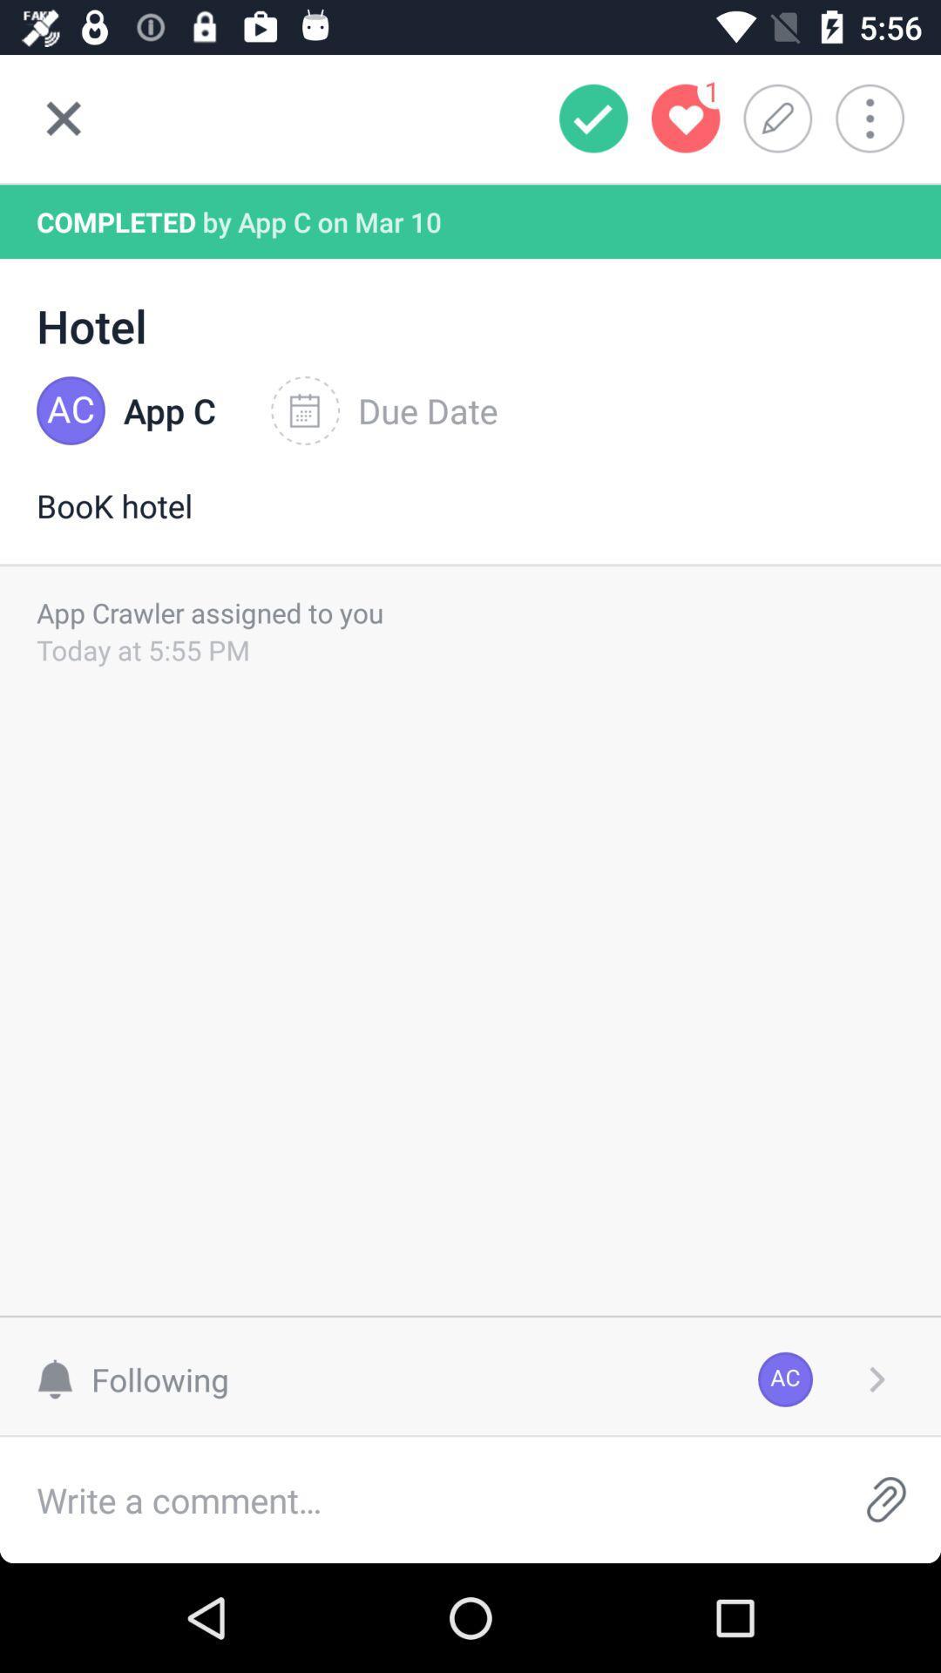  What do you see at coordinates (877, 1378) in the screenshot?
I see `details` at bounding box center [877, 1378].